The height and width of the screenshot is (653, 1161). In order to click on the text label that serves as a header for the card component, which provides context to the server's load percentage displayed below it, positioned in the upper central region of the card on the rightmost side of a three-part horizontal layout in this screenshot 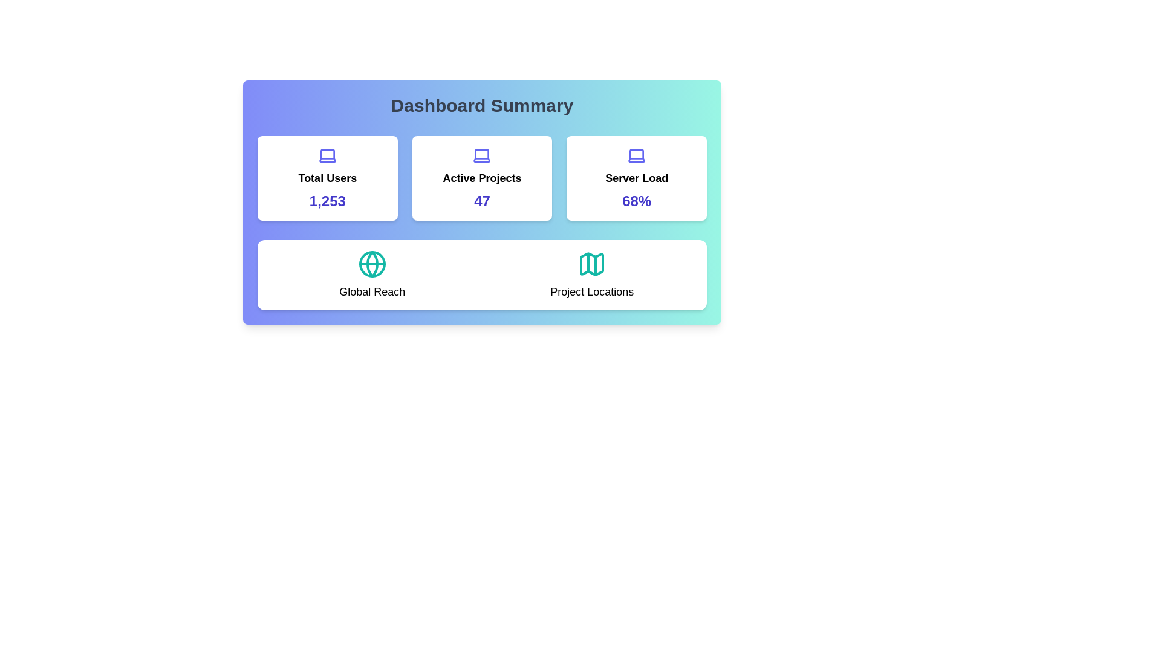, I will do `click(636, 178)`.